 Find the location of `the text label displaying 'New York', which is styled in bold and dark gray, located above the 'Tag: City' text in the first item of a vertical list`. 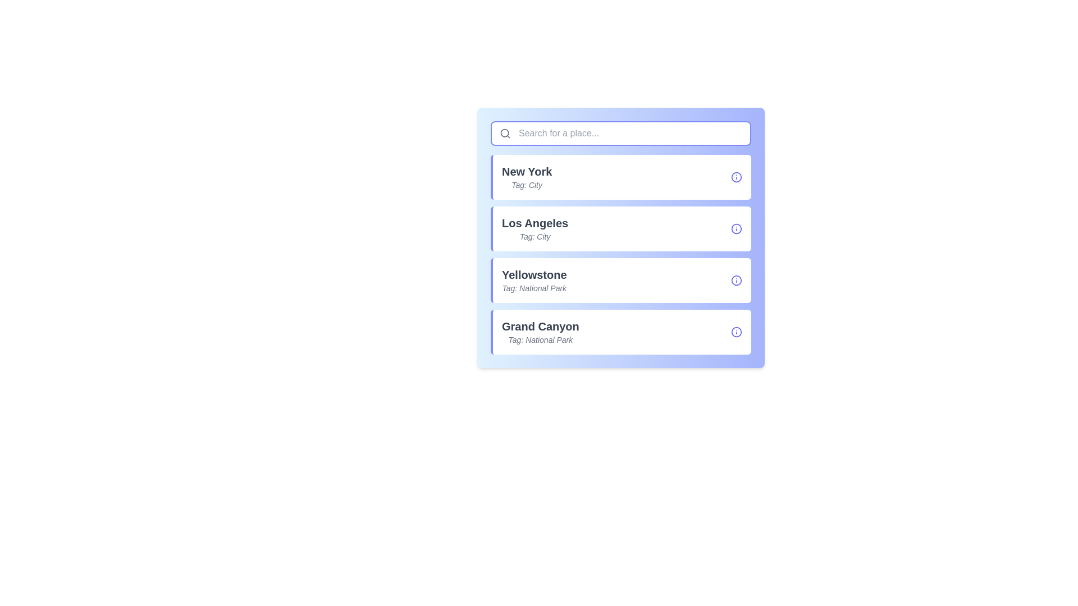

the text label displaying 'New York', which is styled in bold and dark gray, located above the 'Tag: City' text in the first item of a vertical list is located at coordinates (526, 171).